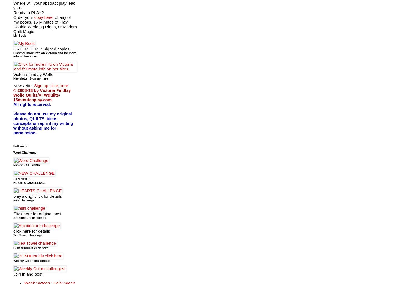  Describe the element at coordinates (28, 12) in the screenshot. I see `'Ready to PLAY?'` at that location.